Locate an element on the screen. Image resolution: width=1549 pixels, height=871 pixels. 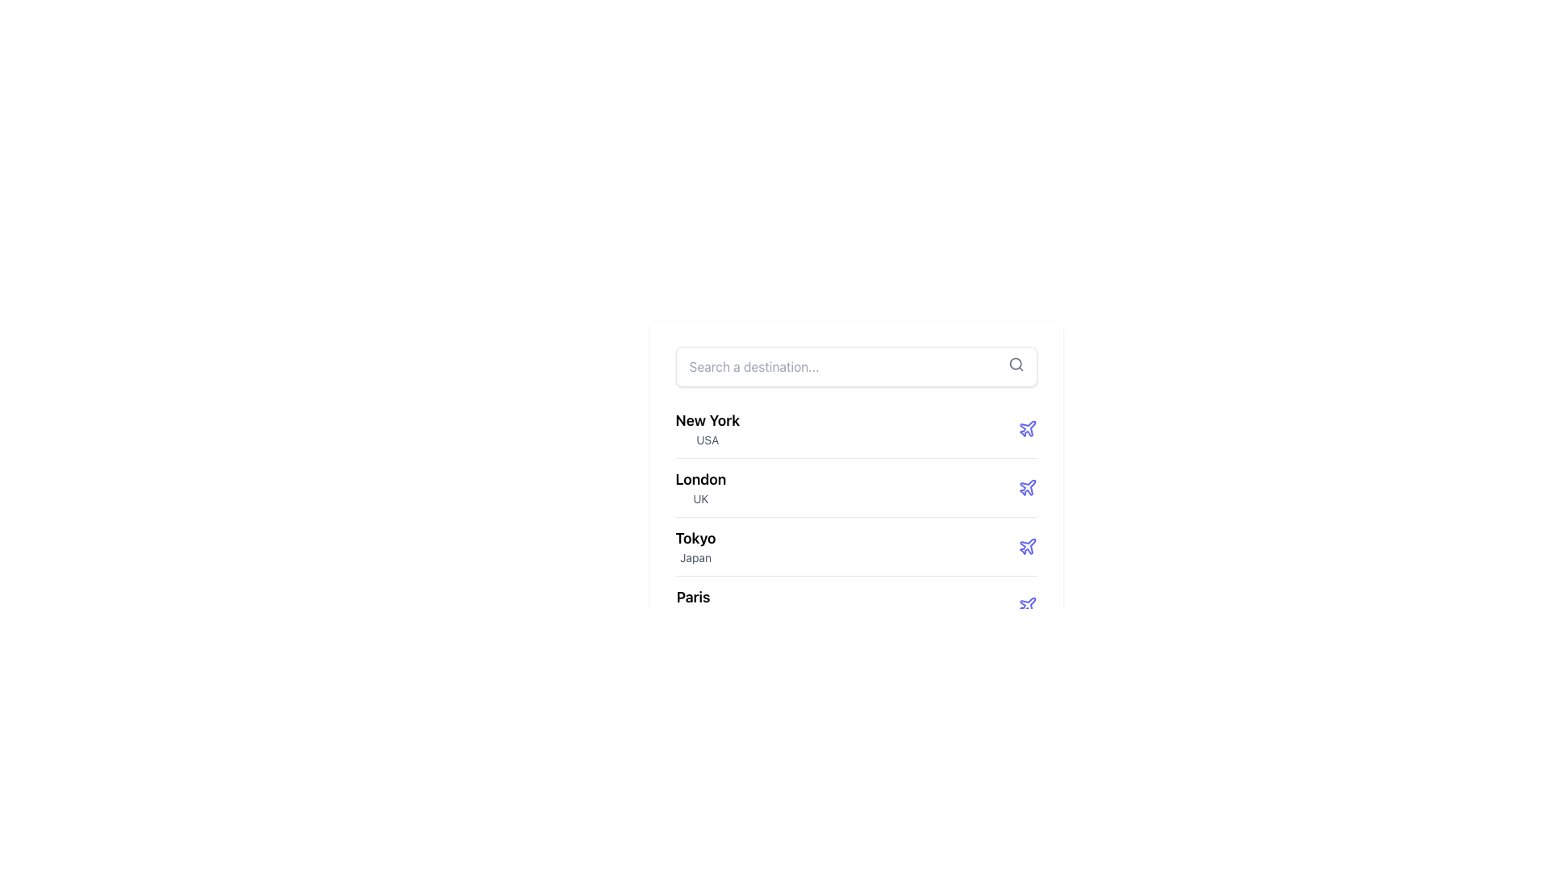
the airplane icon is located at coordinates (1026, 605).